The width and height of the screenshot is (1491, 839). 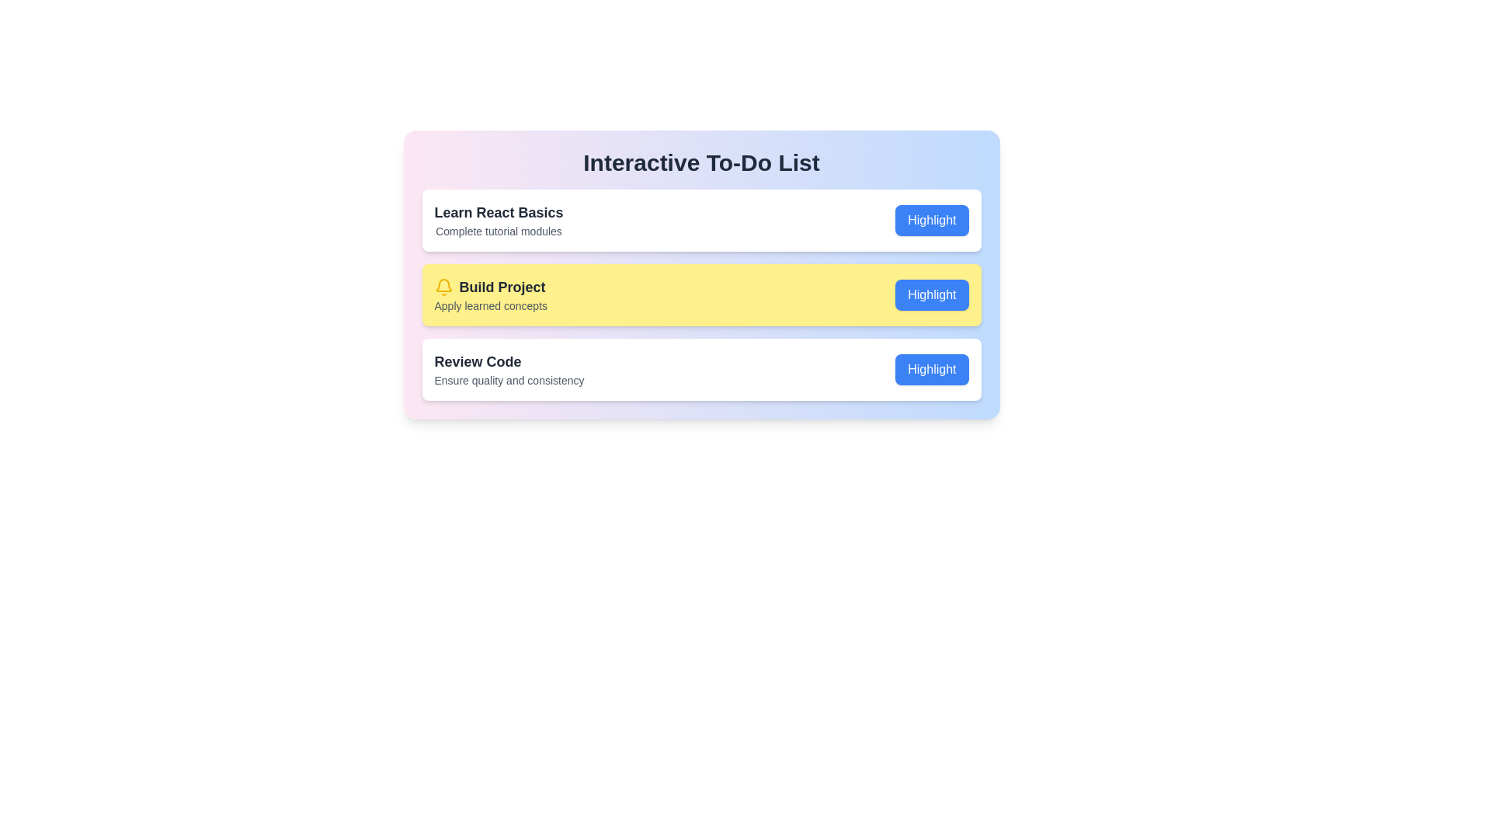 I want to click on the 'Highlight' button of the item with the name Learn React Basics, so click(x=932, y=221).